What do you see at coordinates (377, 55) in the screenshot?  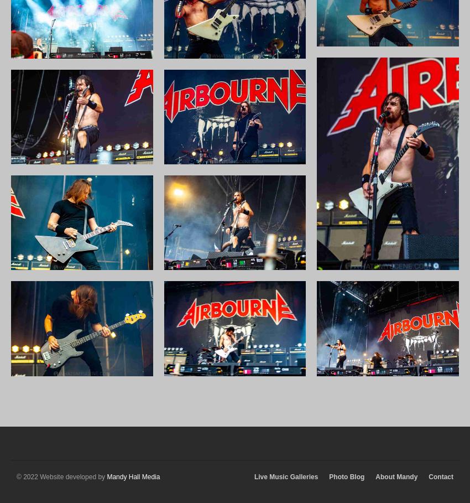 I see `'November 2019'` at bounding box center [377, 55].